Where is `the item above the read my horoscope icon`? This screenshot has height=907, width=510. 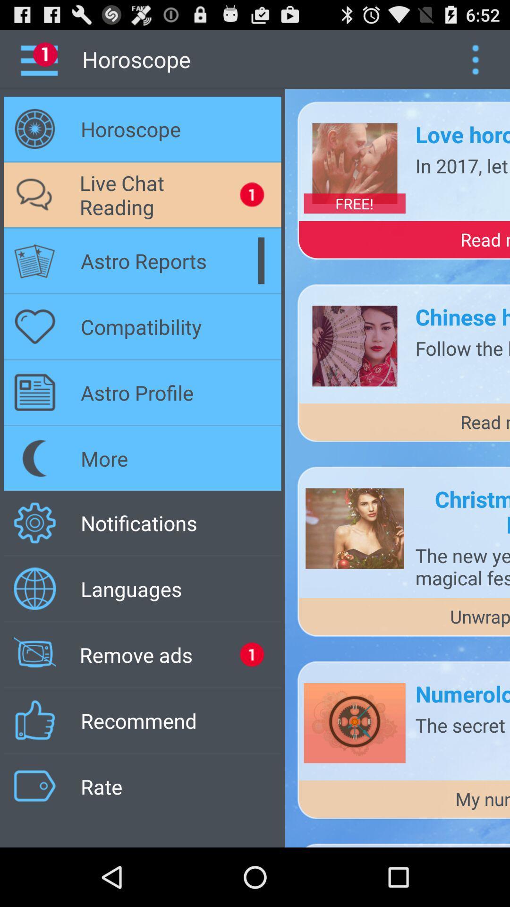 the item above the read my horoscope icon is located at coordinates (462, 165).